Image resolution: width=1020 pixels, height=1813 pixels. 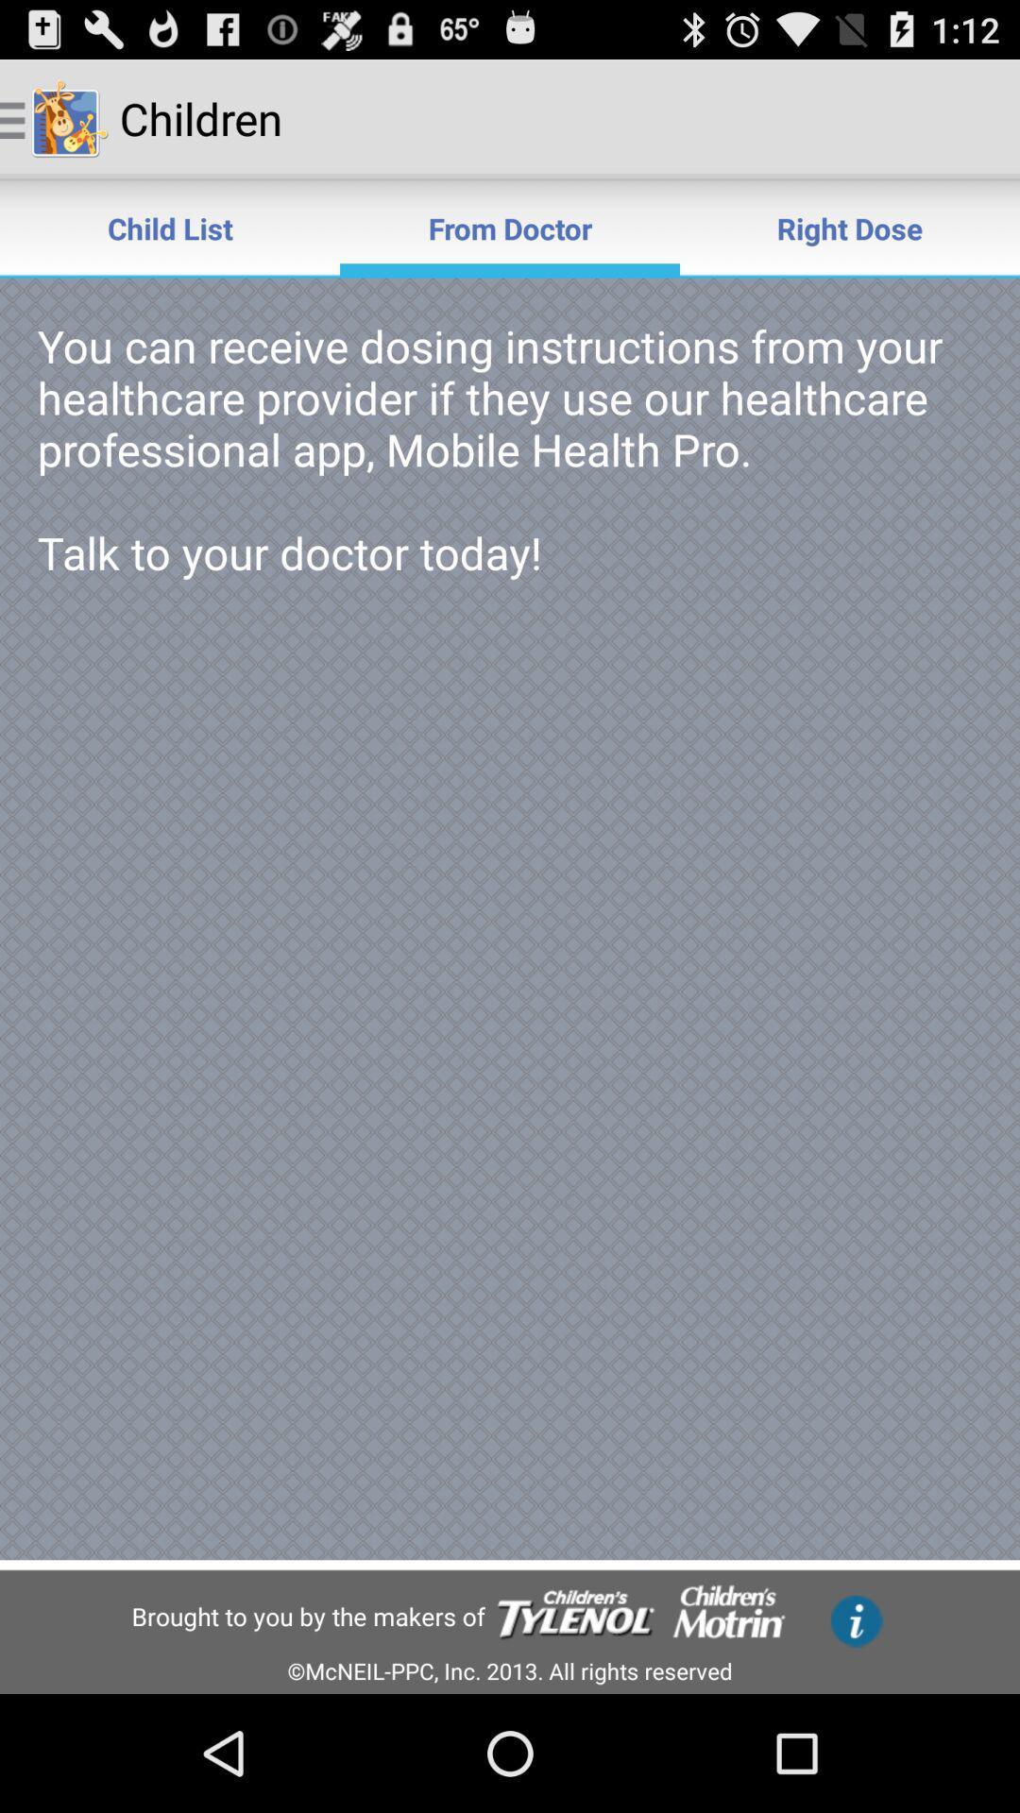 What do you see at coordinates (170, 227) in the screenshot?
I see `child list item` at bounding box center [170, 227].